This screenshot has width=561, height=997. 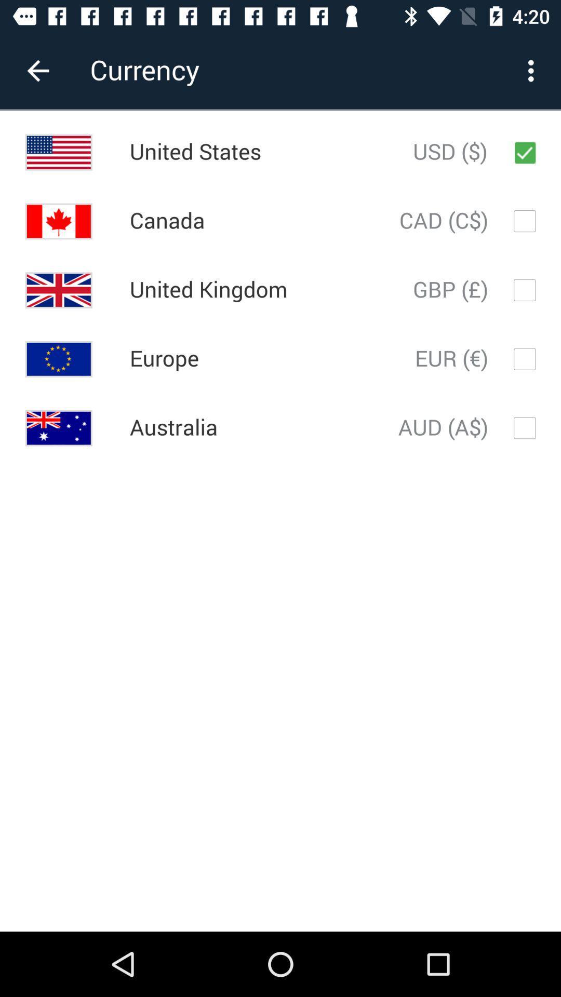 I want to click on the icon to the left of aud (a$), so click(x=173, y=428).